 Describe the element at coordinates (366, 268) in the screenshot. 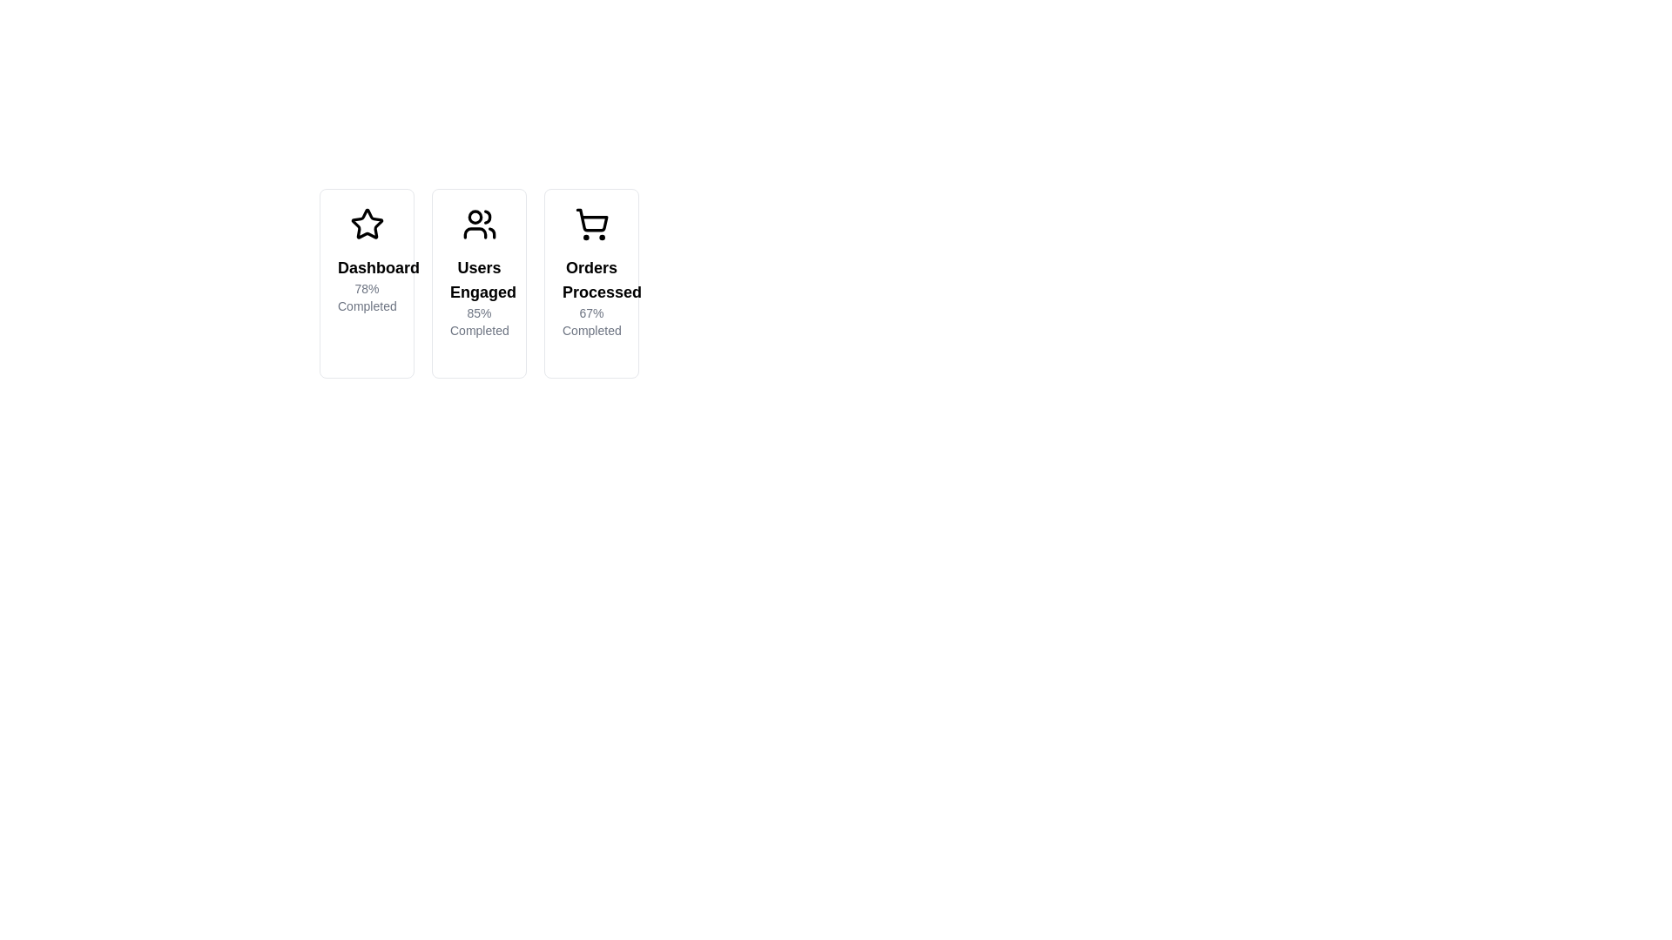

I see `the text label that serves as a title or header for the associated card, positioned above the '78% Completed' text within the first card of a horizontally aligned group of cards` at that location.